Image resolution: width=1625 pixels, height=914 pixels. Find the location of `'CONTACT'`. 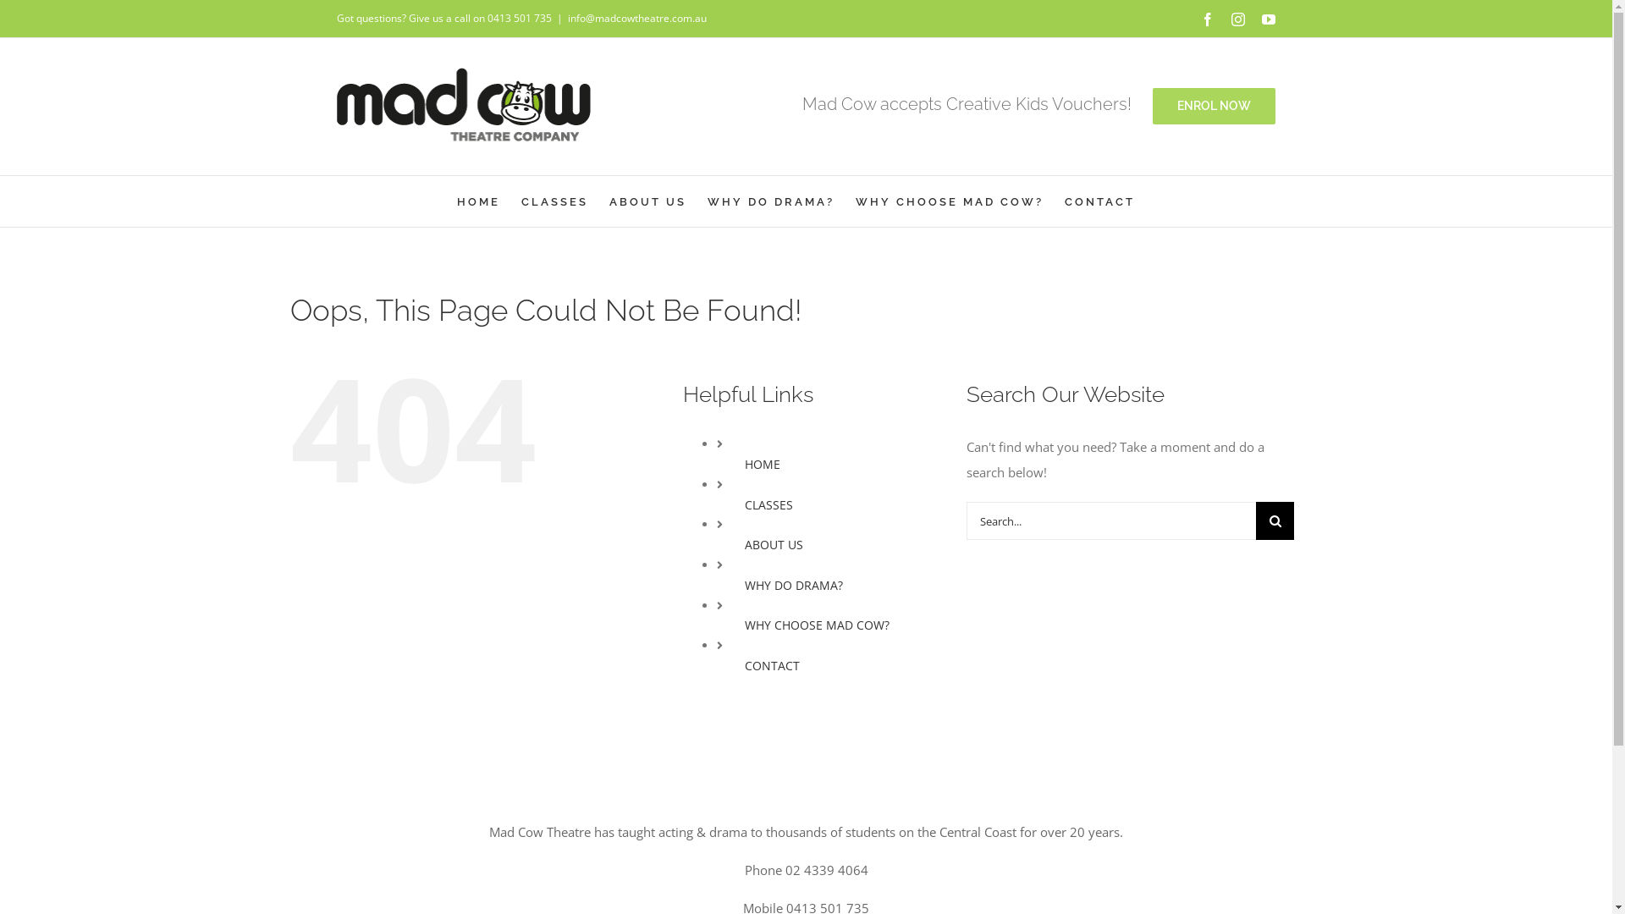

'CONTACT' is located at coordinates (1099, 201).